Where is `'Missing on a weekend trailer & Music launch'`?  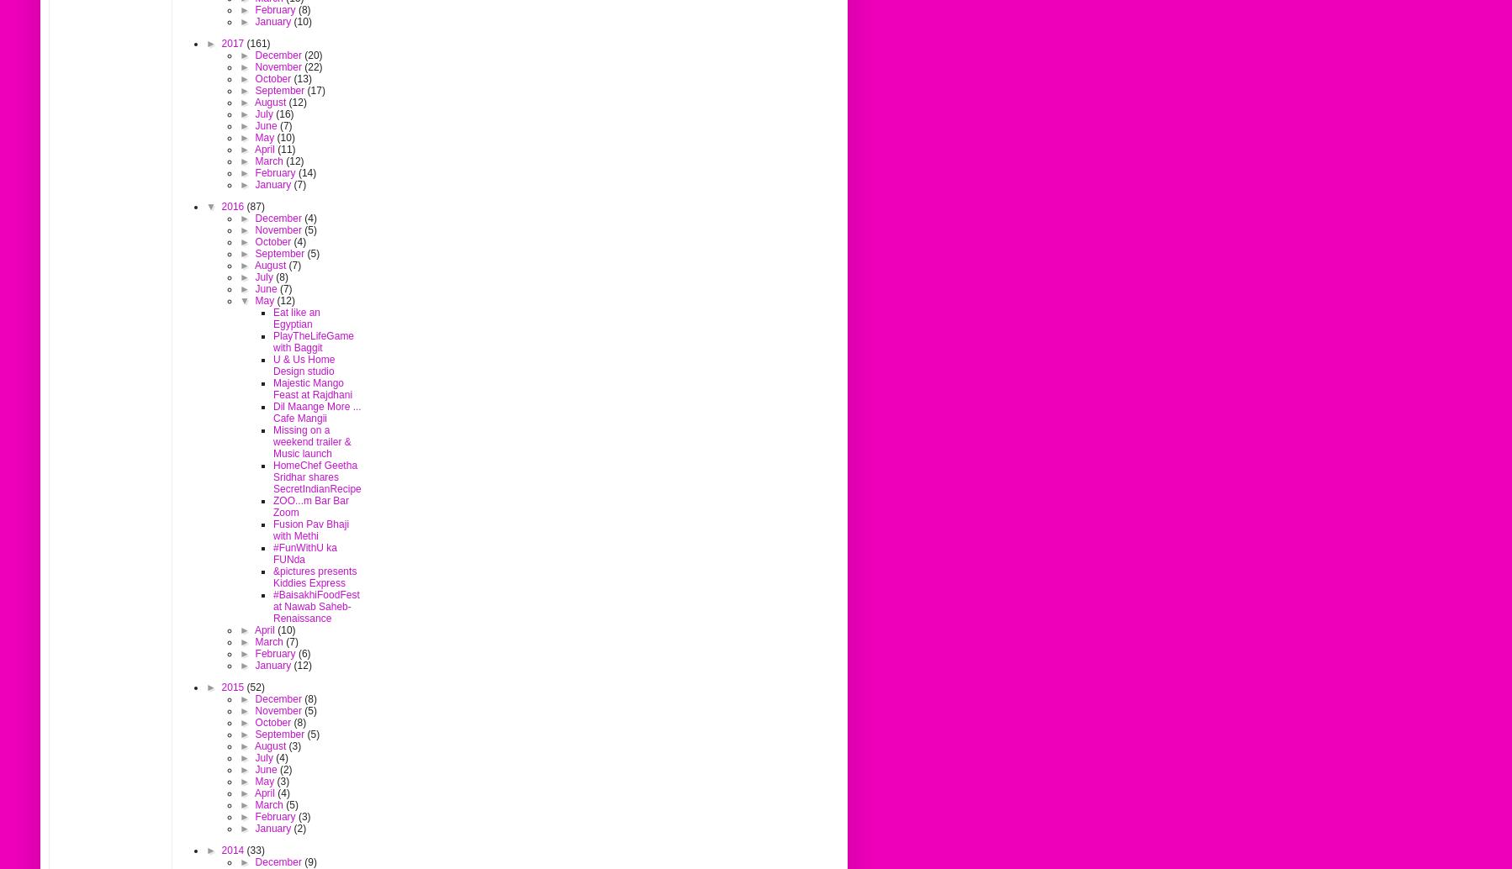 'Missing on a weekend trailer & Music launch' is located at coordinates (310, 441).